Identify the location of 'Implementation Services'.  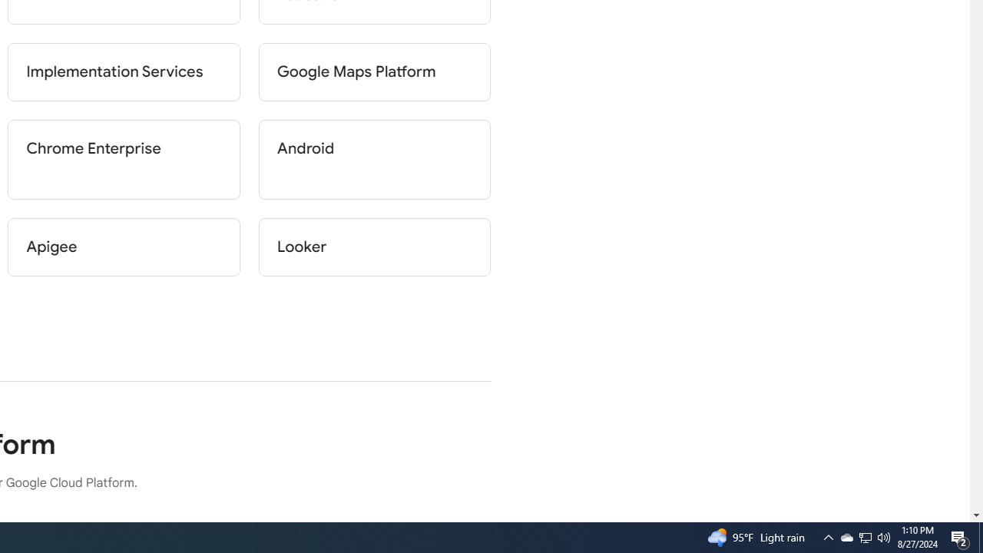
(124, 71).